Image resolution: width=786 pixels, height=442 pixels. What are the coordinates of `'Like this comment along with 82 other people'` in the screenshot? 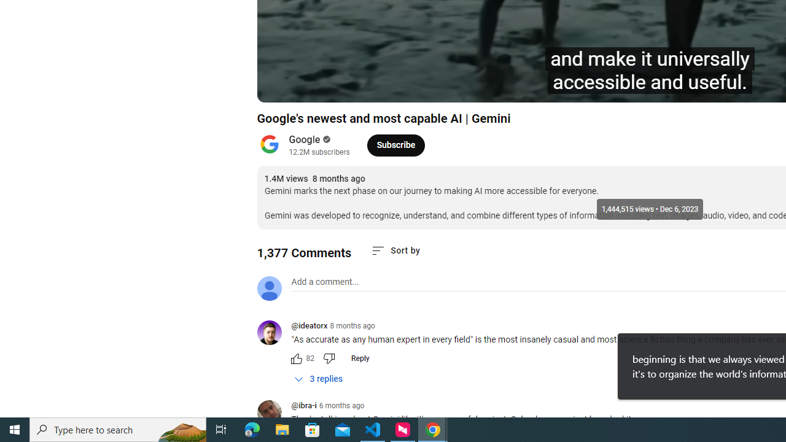 It's located at (296, 358).